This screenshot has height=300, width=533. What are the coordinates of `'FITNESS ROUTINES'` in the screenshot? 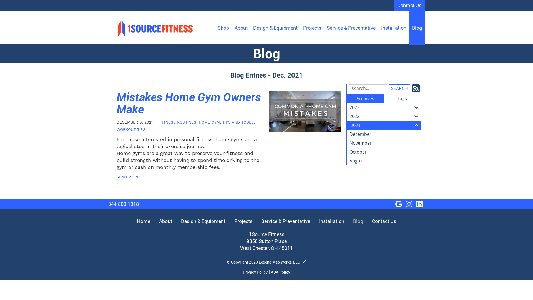 It's located at (178, 122).